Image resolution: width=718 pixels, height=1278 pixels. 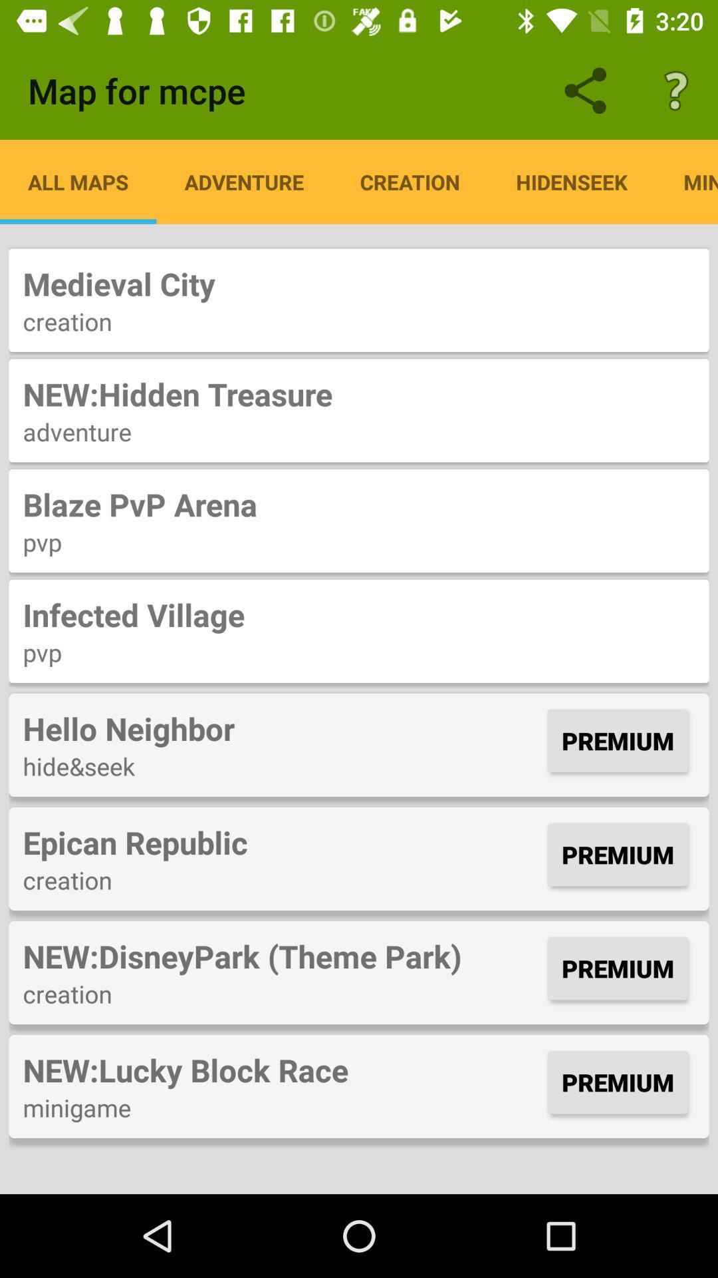 I want to click on item above the creation item, so click(x=281, y=841).